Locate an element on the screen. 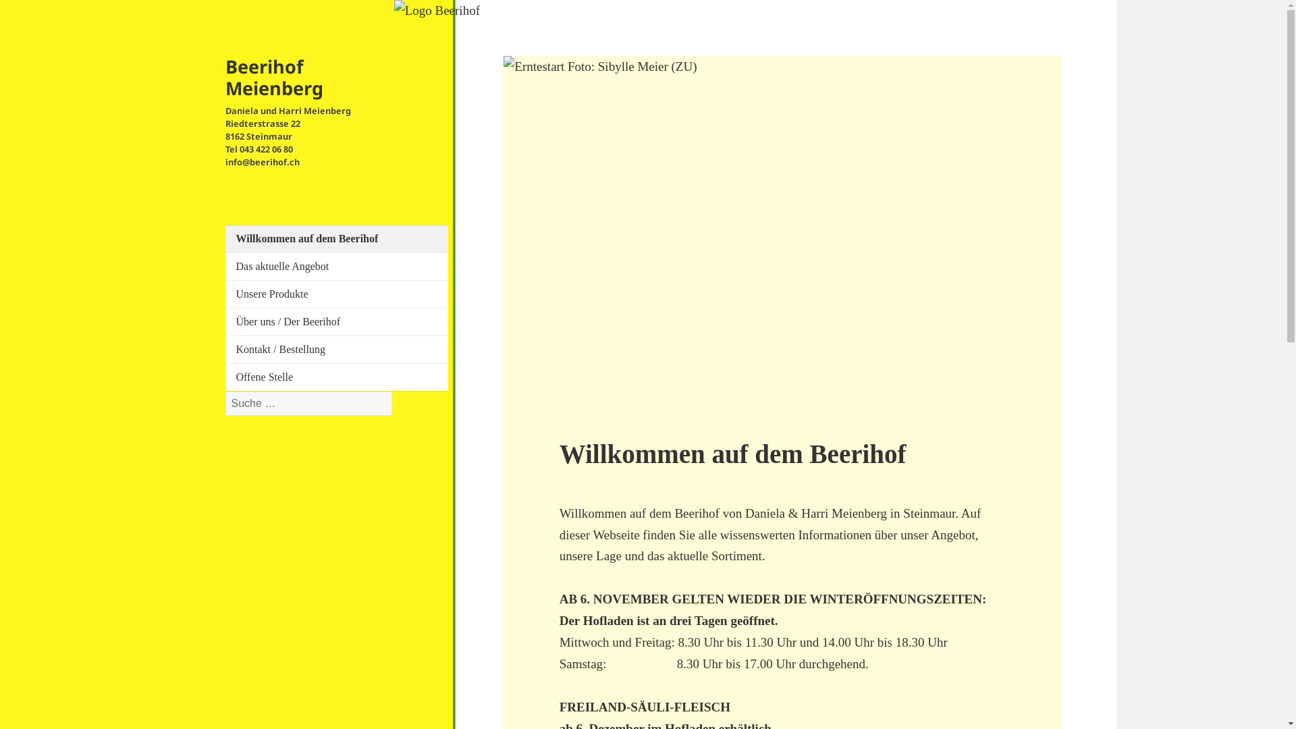 The image size is (1296, 729). 'Kontakt / Bestellung' is located at coordinates (342, 348).